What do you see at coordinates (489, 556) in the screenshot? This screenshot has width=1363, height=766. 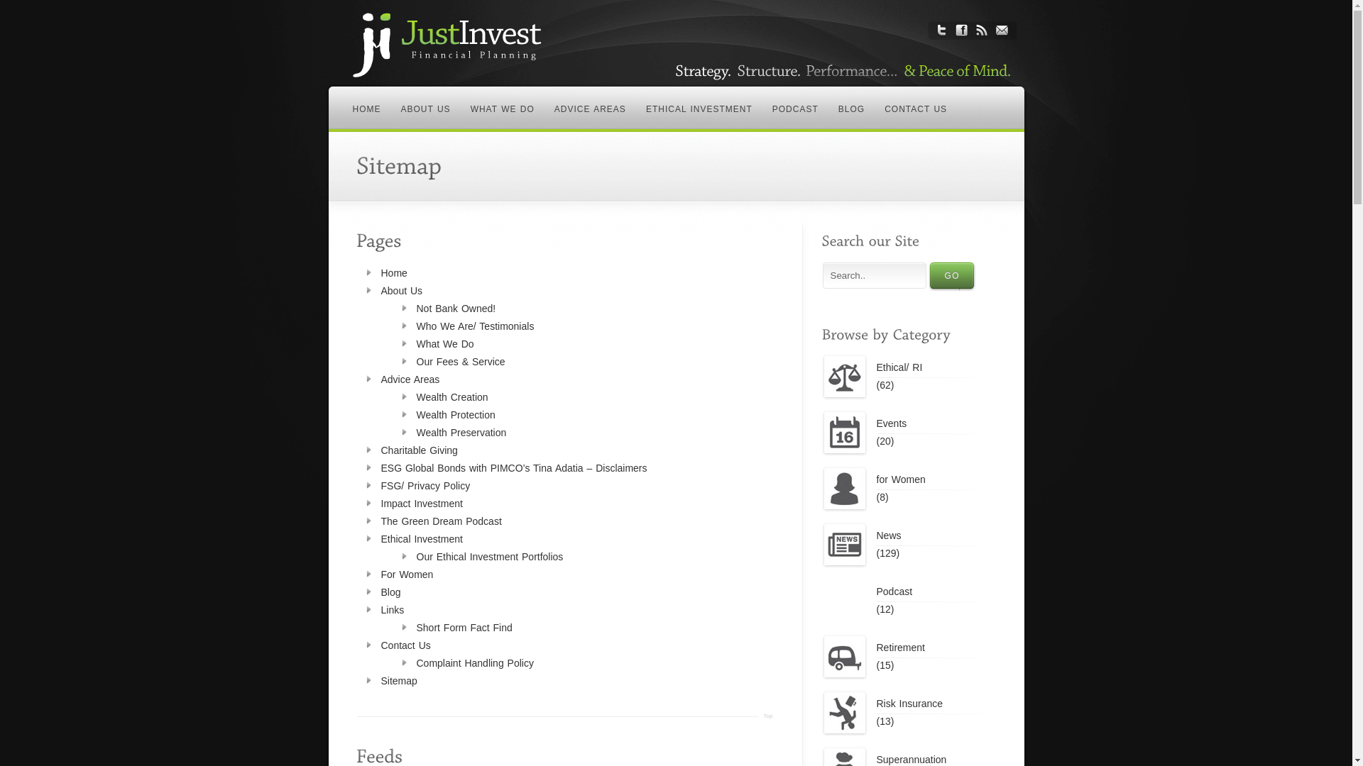 I see `'Our Ethical Investment Portfolios'` at bounding box center [489, 556].